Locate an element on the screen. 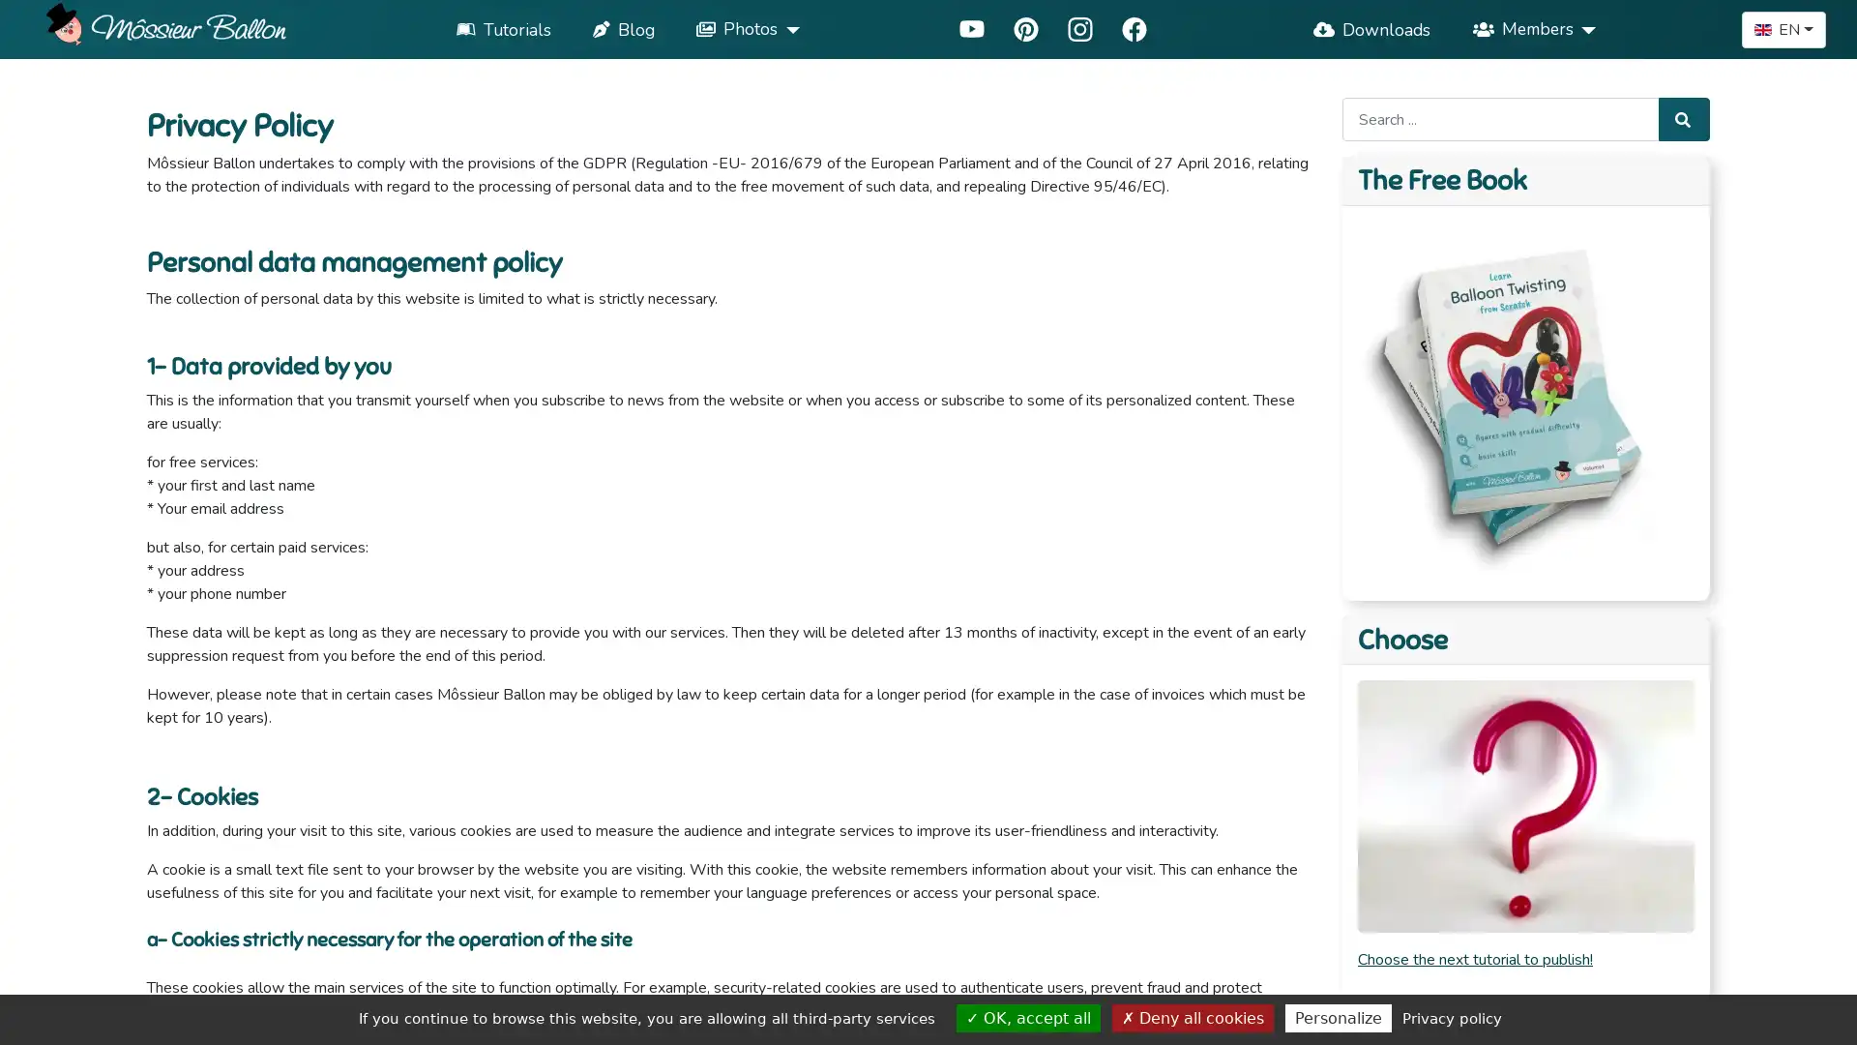 This screenshot has height=1045, width=1857. Deny all cookies is located at coordinates (1192, 1017).